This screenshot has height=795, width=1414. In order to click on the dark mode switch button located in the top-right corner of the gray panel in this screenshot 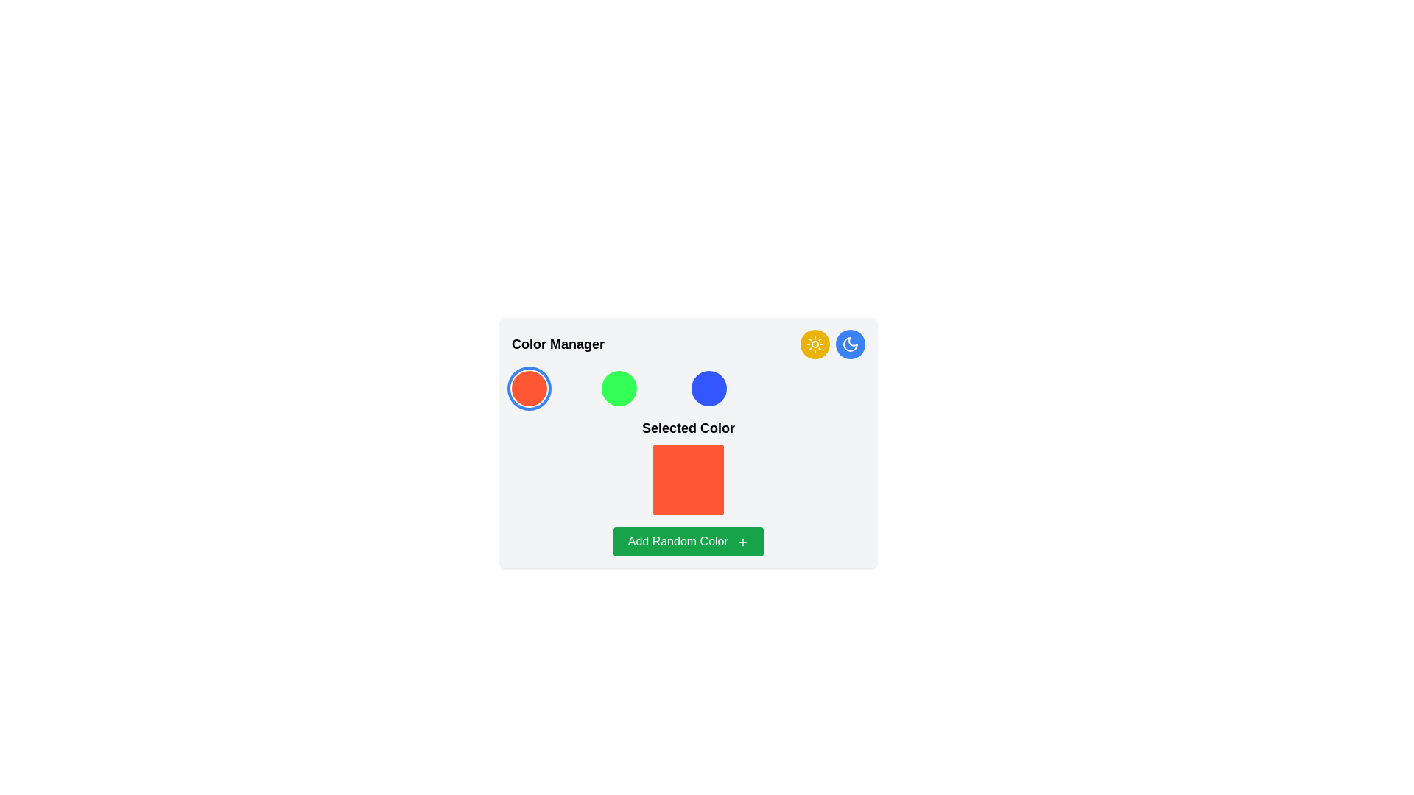, I will do `click(851, 344)`.